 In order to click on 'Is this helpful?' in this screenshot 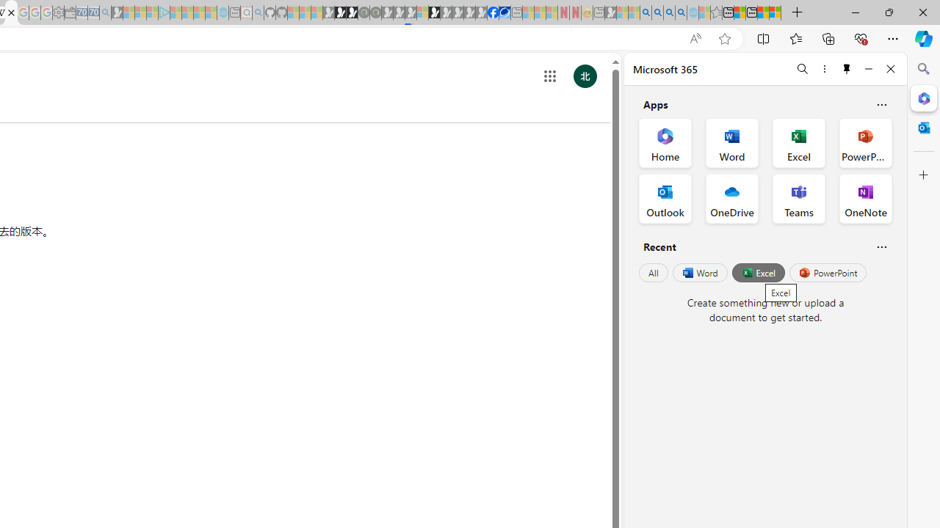, I will do `click(881, 246)`.